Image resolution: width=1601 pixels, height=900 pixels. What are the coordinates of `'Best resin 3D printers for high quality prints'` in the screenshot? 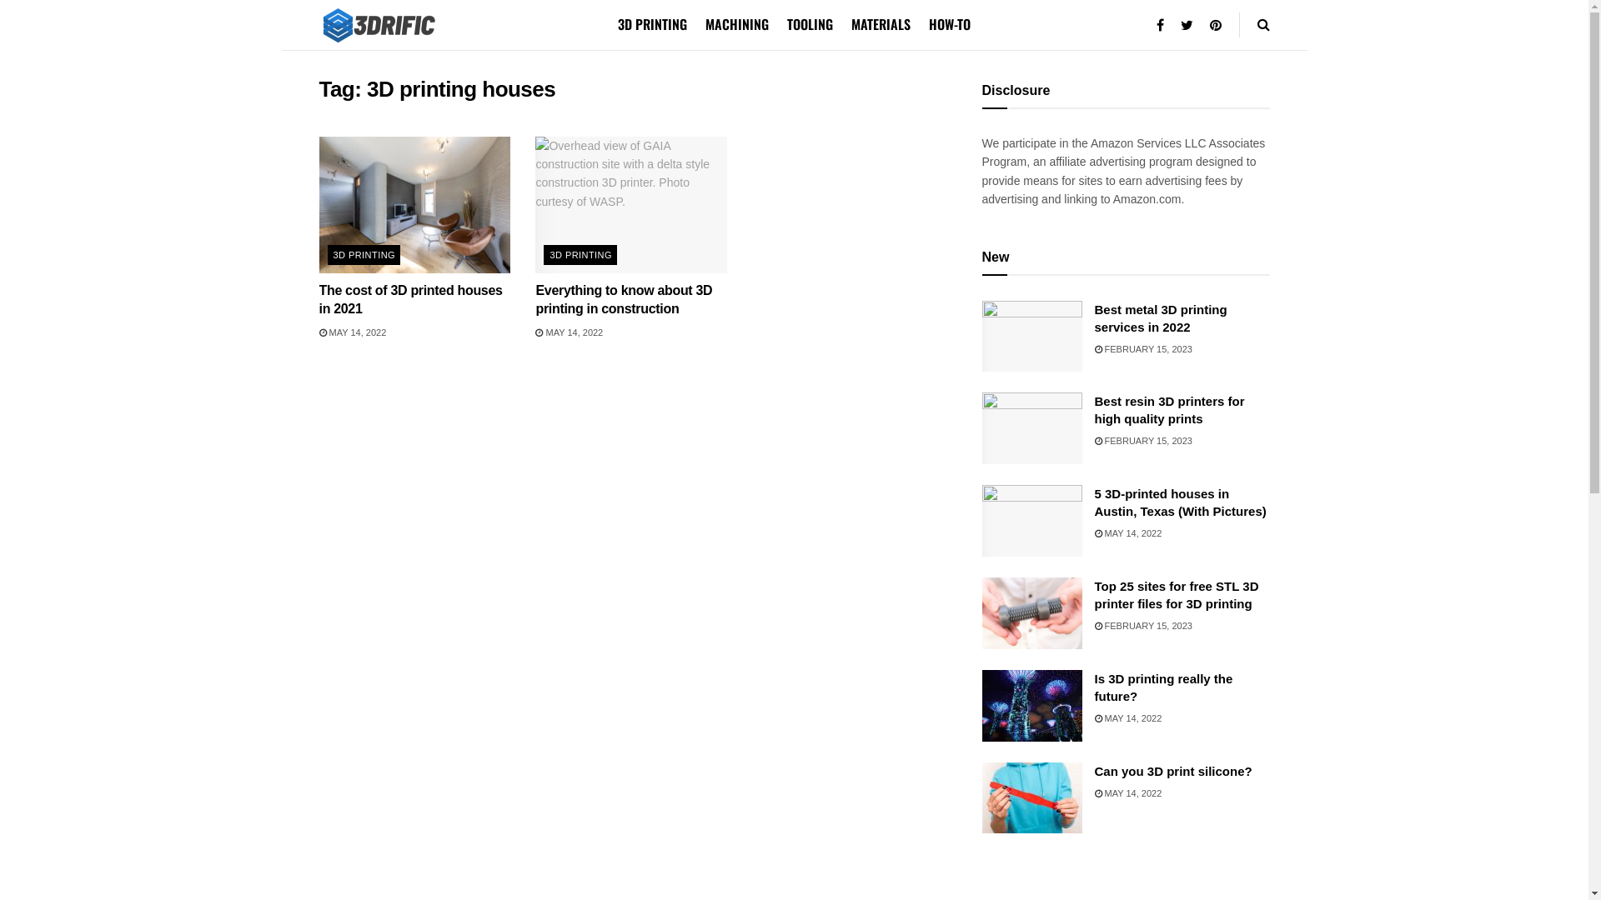 It's located at (1167, 410).